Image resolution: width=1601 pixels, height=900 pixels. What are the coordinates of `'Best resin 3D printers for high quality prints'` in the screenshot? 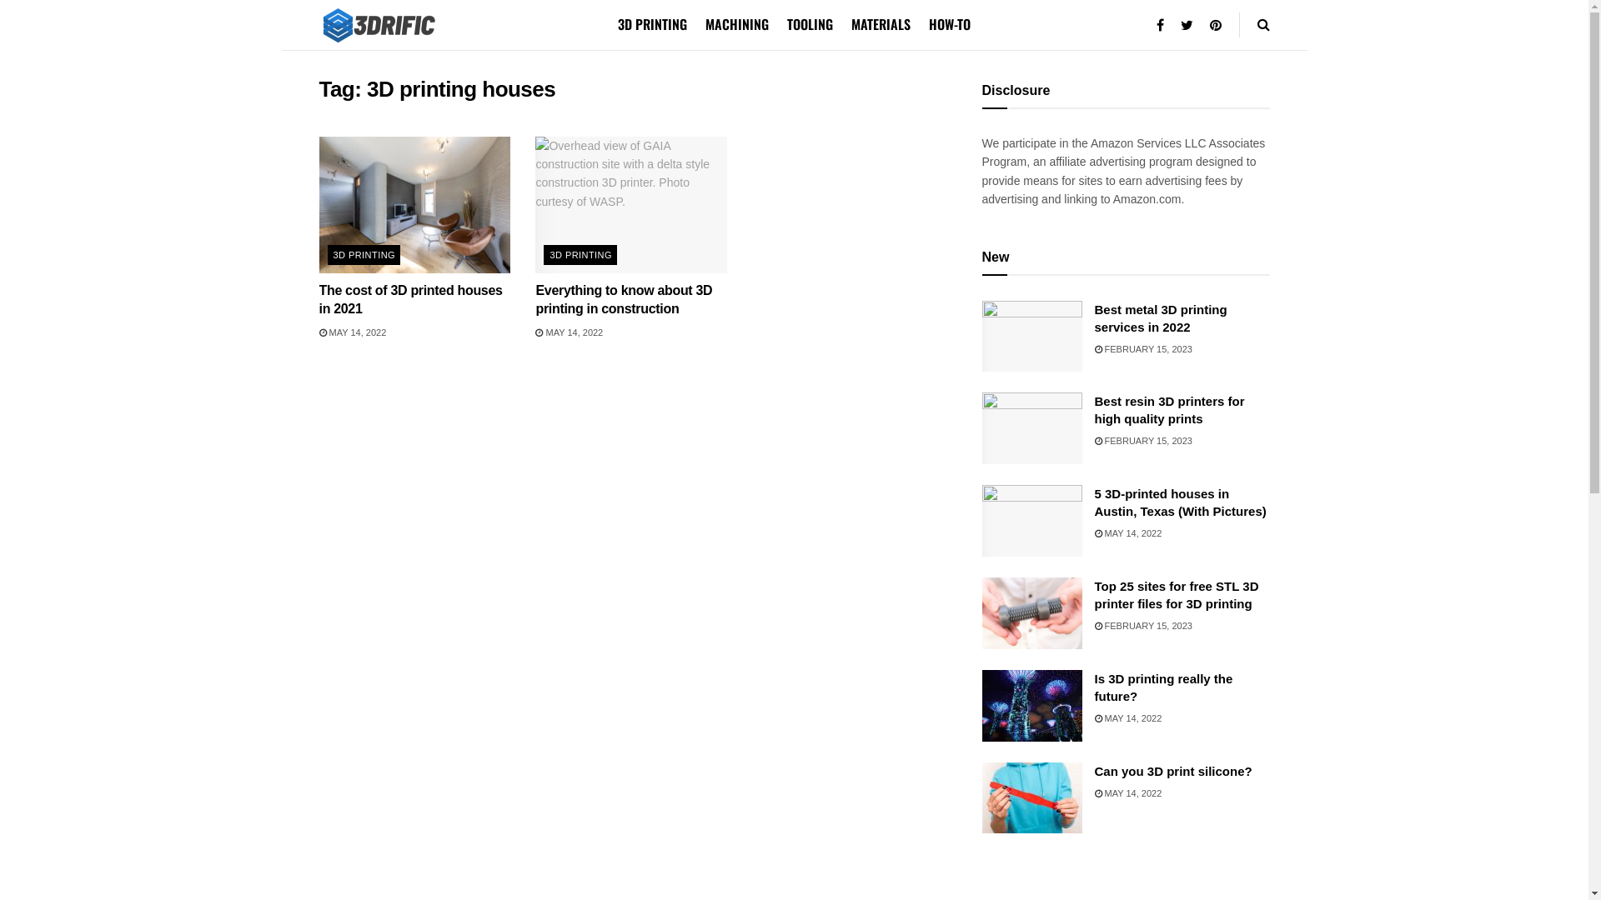 It's located at (1167, 410).